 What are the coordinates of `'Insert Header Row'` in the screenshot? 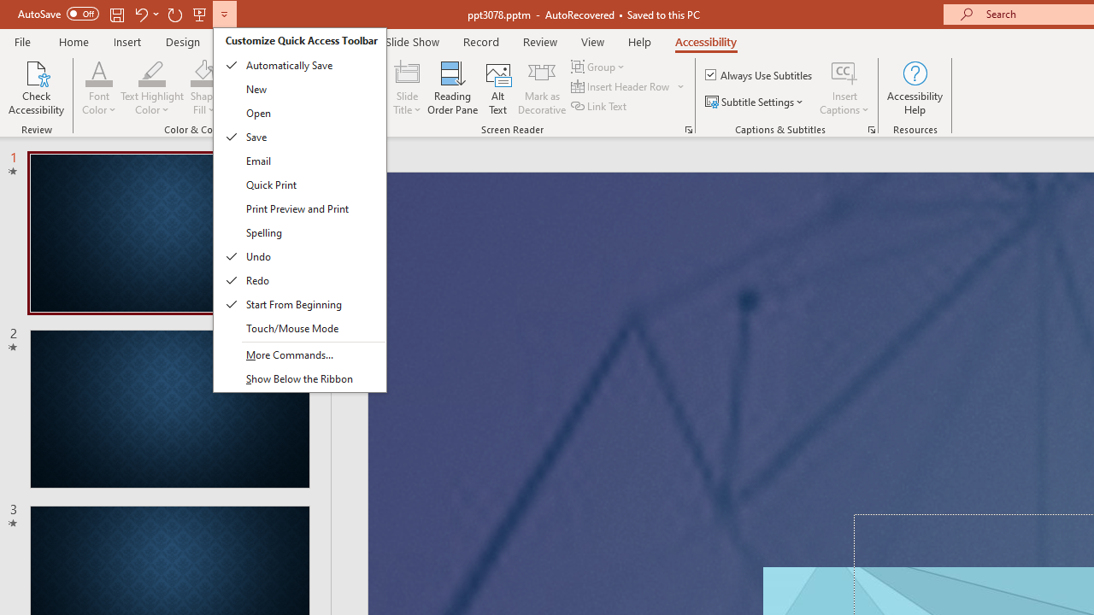 It's located at (621, 86).